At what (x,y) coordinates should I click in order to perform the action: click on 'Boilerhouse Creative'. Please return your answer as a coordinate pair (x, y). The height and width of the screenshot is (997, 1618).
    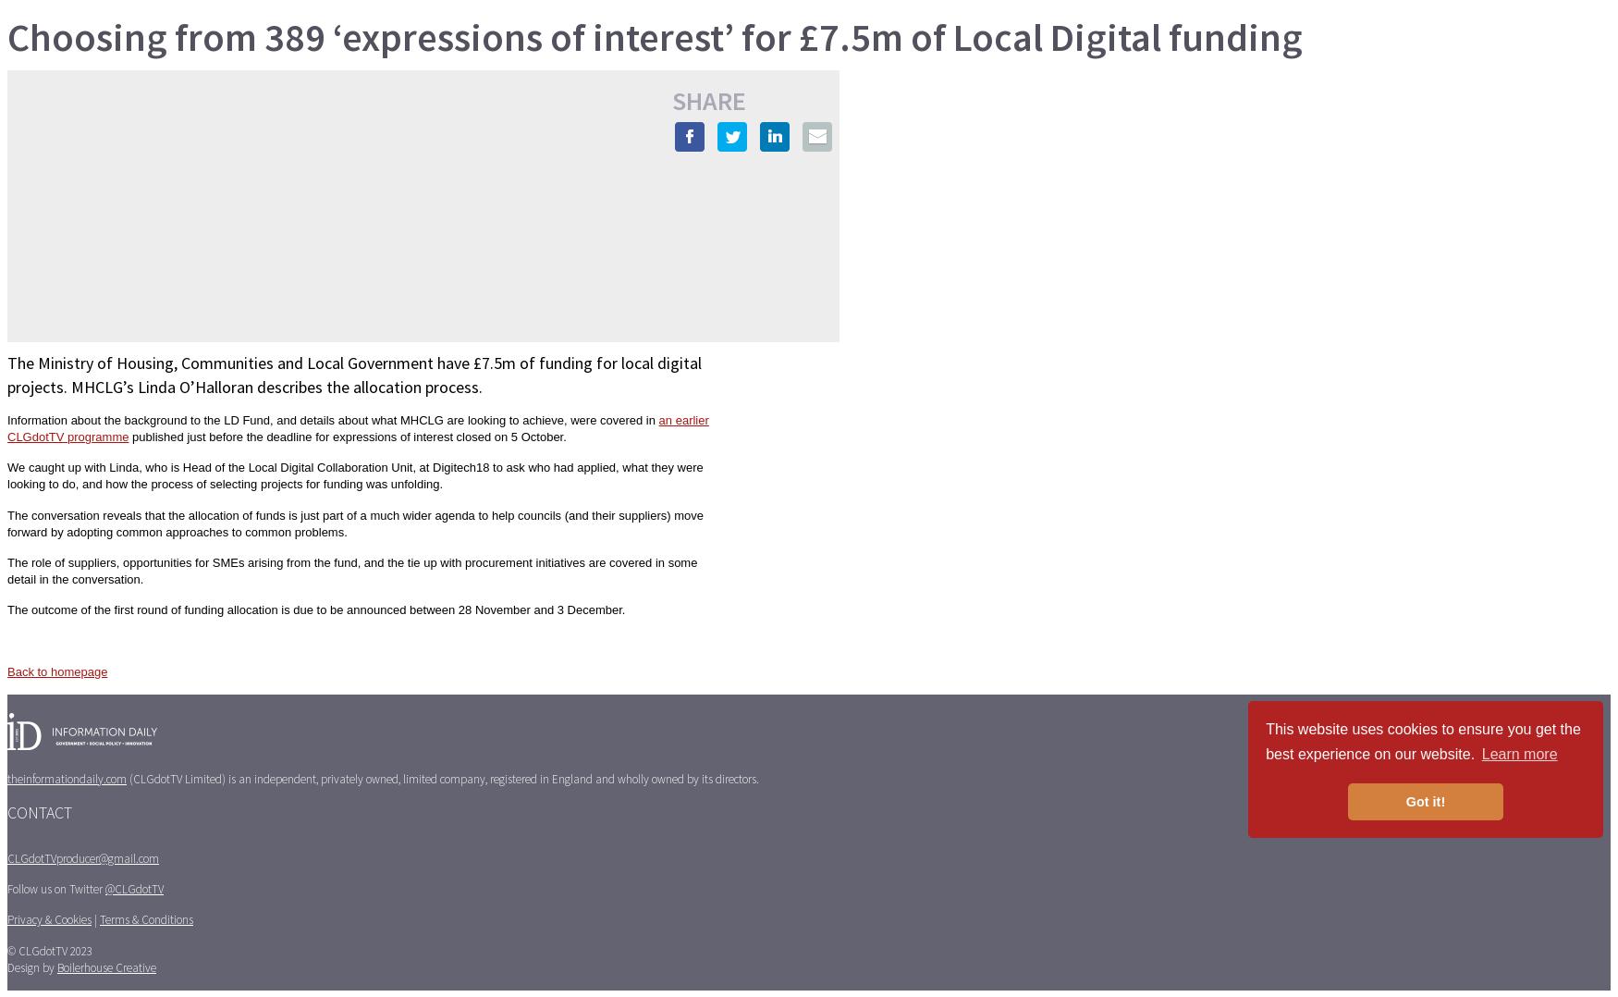
    Looking at the image, I should click on (106, 966).